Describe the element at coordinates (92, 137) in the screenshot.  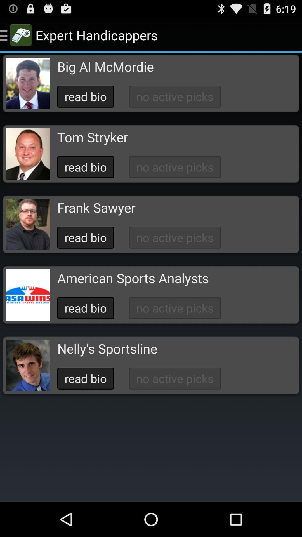
I see `button above the read bio button` at that location.